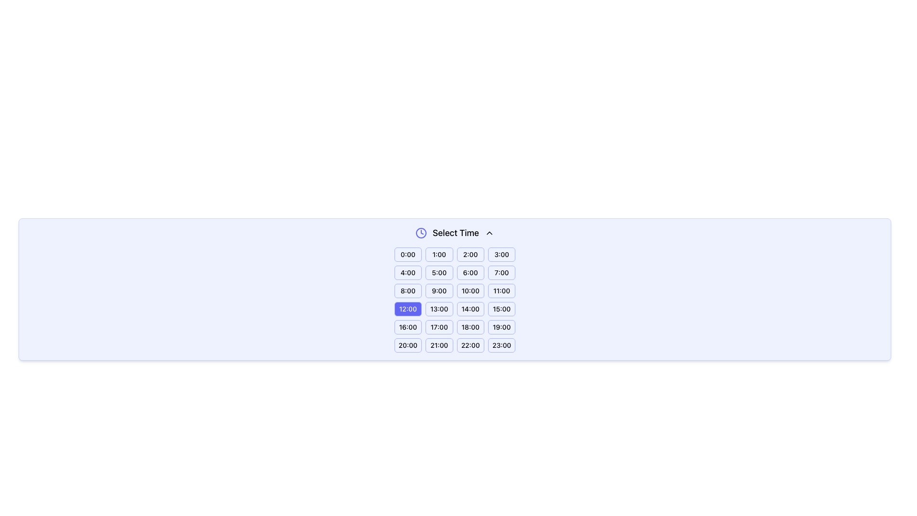  I want to click on the button, so click(438, 254).